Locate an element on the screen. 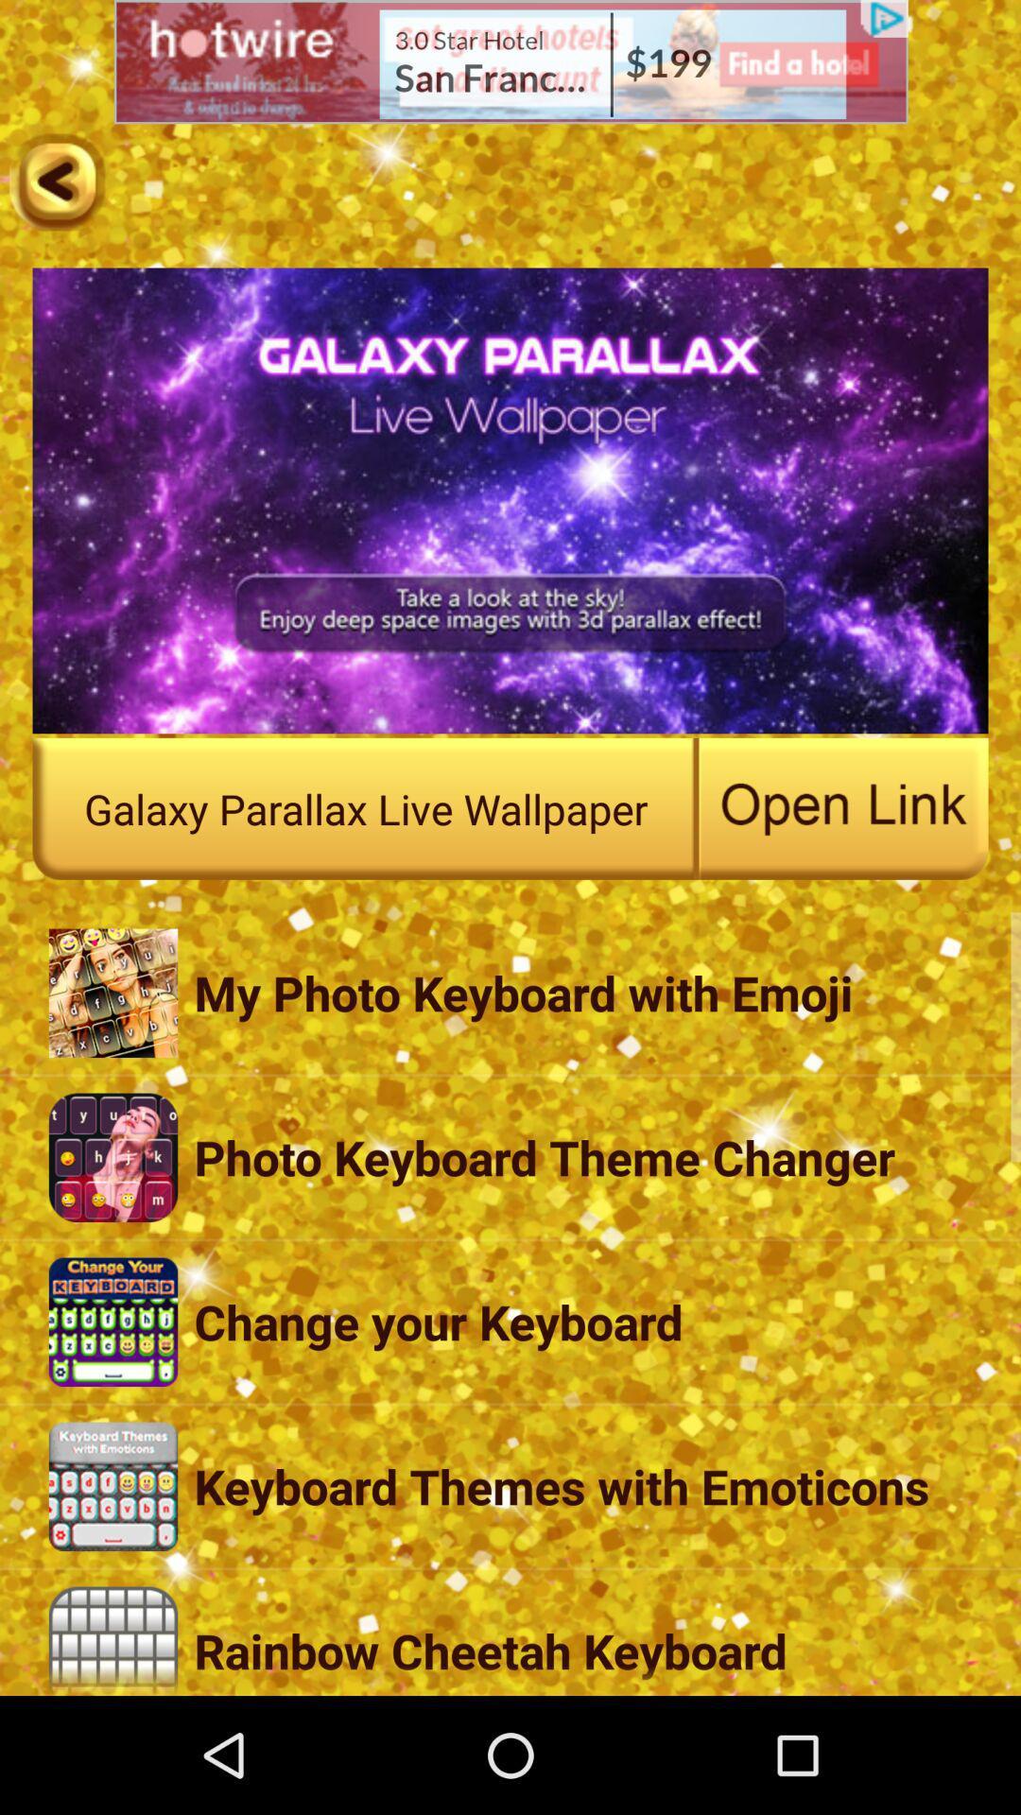 The image size is (1021, 1815). visit advertisement is located at coordinates (510, 61).